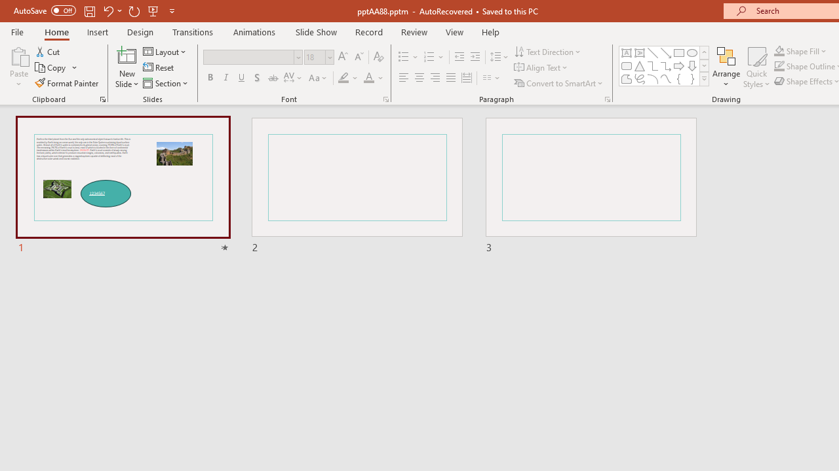 The width and height of the screenshot is (839, 471). Describe the element at coordinates (359, 56) in the screenshot. I see `'Decrease Font Size'` at that location.